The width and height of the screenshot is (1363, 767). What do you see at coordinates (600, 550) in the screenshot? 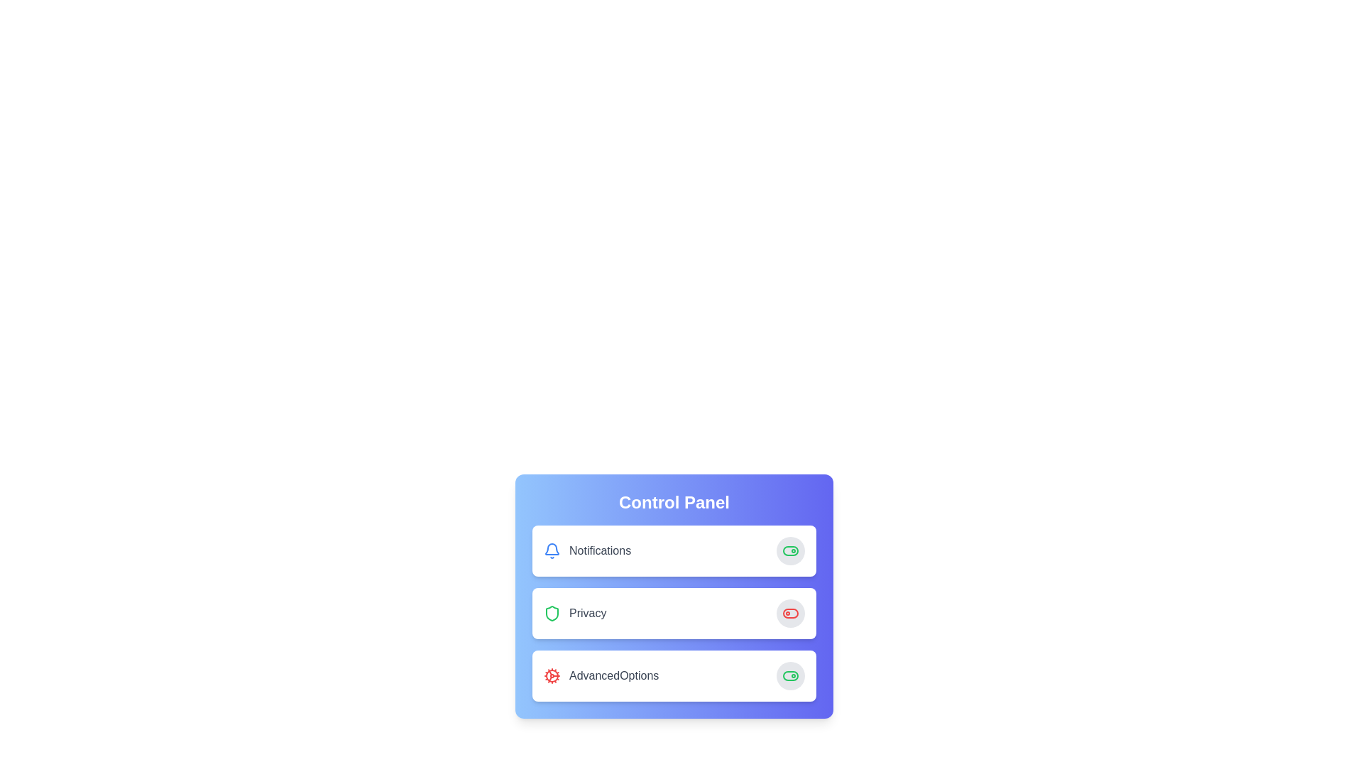
I see `the 'Notifications' text label to initiate keyboard interactions` at bounding box center [600, 550].